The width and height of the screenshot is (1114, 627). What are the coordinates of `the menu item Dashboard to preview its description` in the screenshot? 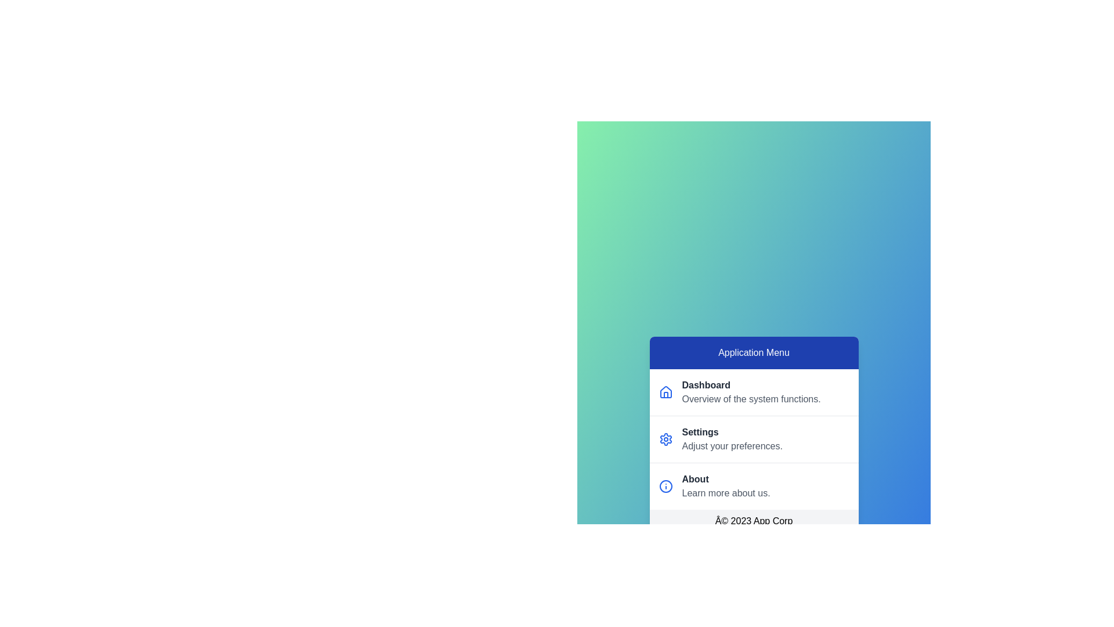 It's located at (754, 392).